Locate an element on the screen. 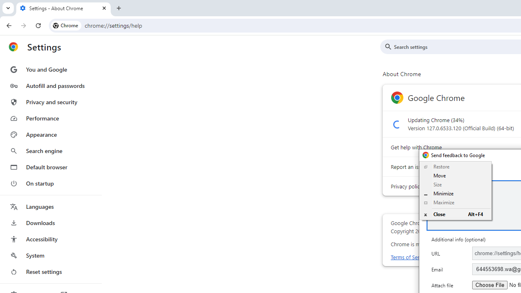  'Reset settings' is located at coordinates (50, 272).